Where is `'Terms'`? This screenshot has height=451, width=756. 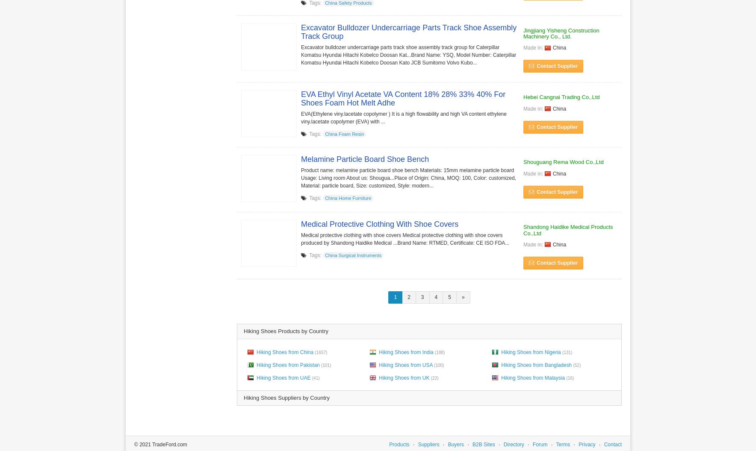 'Terms' is located at coordinates (563, 443).